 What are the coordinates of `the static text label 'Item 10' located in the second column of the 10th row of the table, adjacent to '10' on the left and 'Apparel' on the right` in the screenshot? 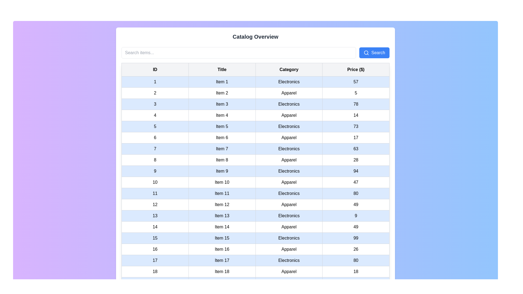 It's located at (222, 182).